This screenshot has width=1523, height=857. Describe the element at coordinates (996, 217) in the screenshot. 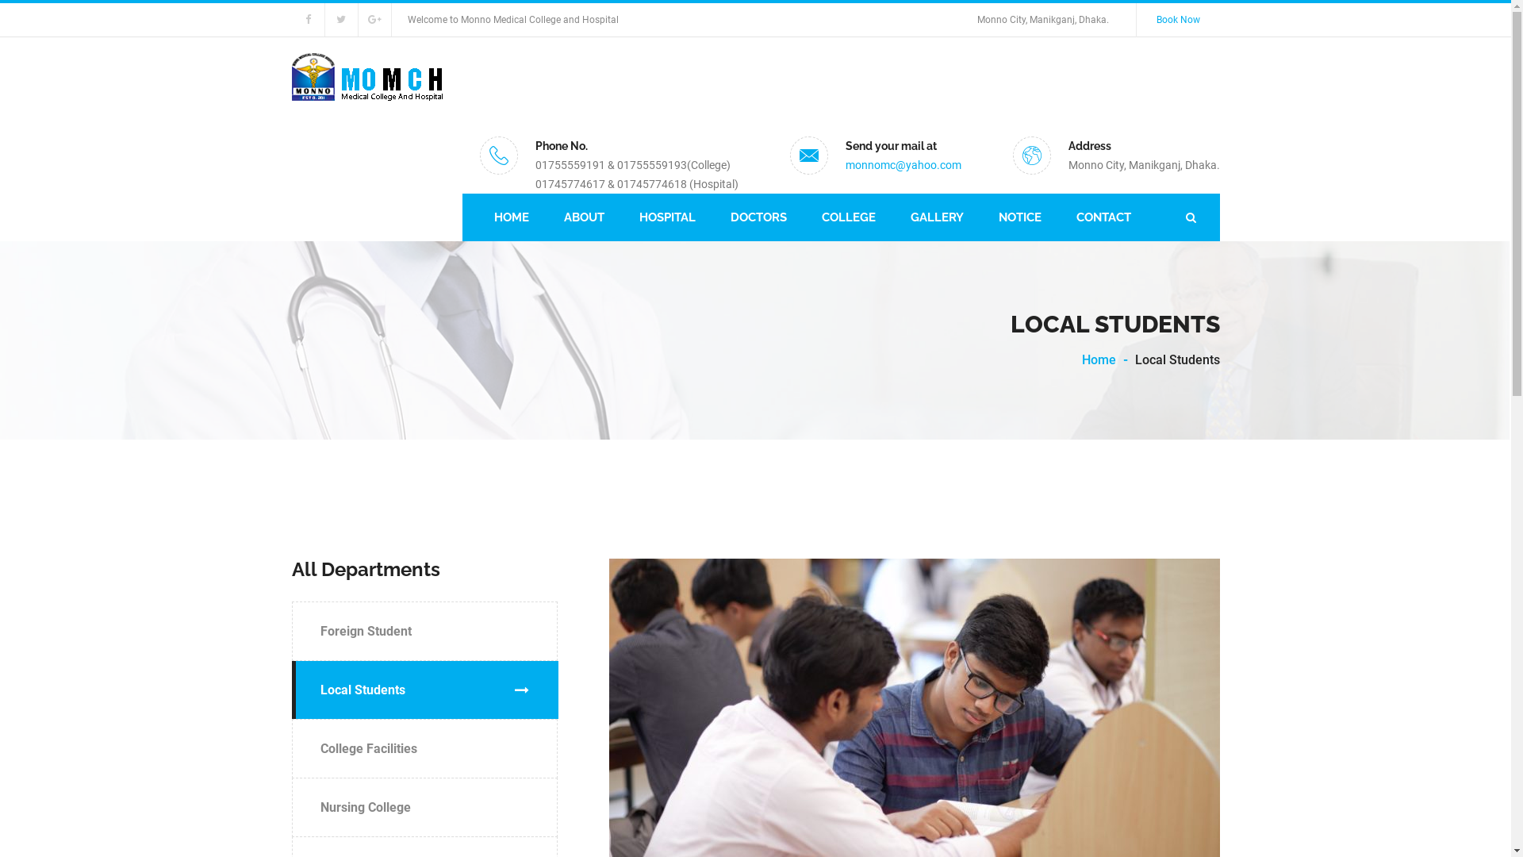

I see `'NOTICE'` at that location.